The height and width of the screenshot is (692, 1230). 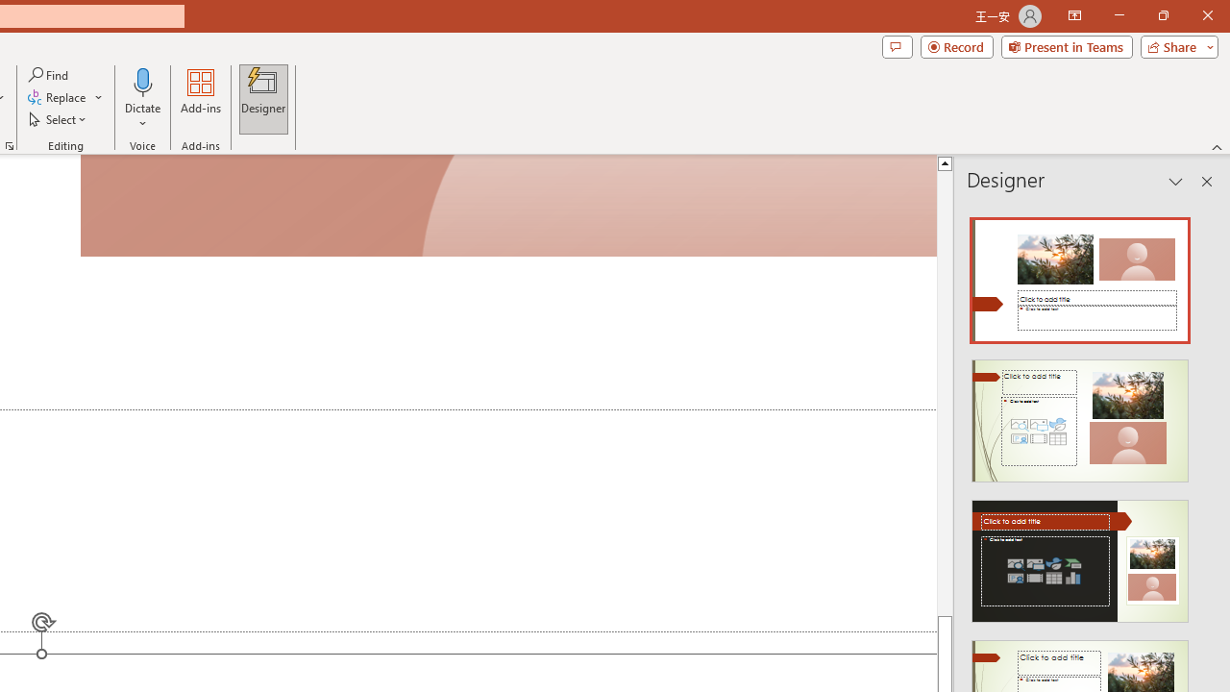 I want to click on 'Replace...', so click(x=58, y=97).